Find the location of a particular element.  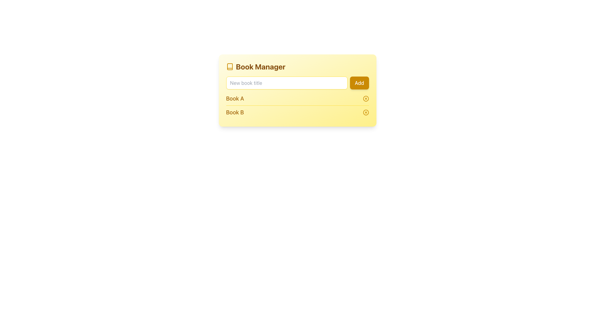

the label representing 'Book A' in the first row of book entries within the 'Book Manager' section is located at coordinates (235, 98).